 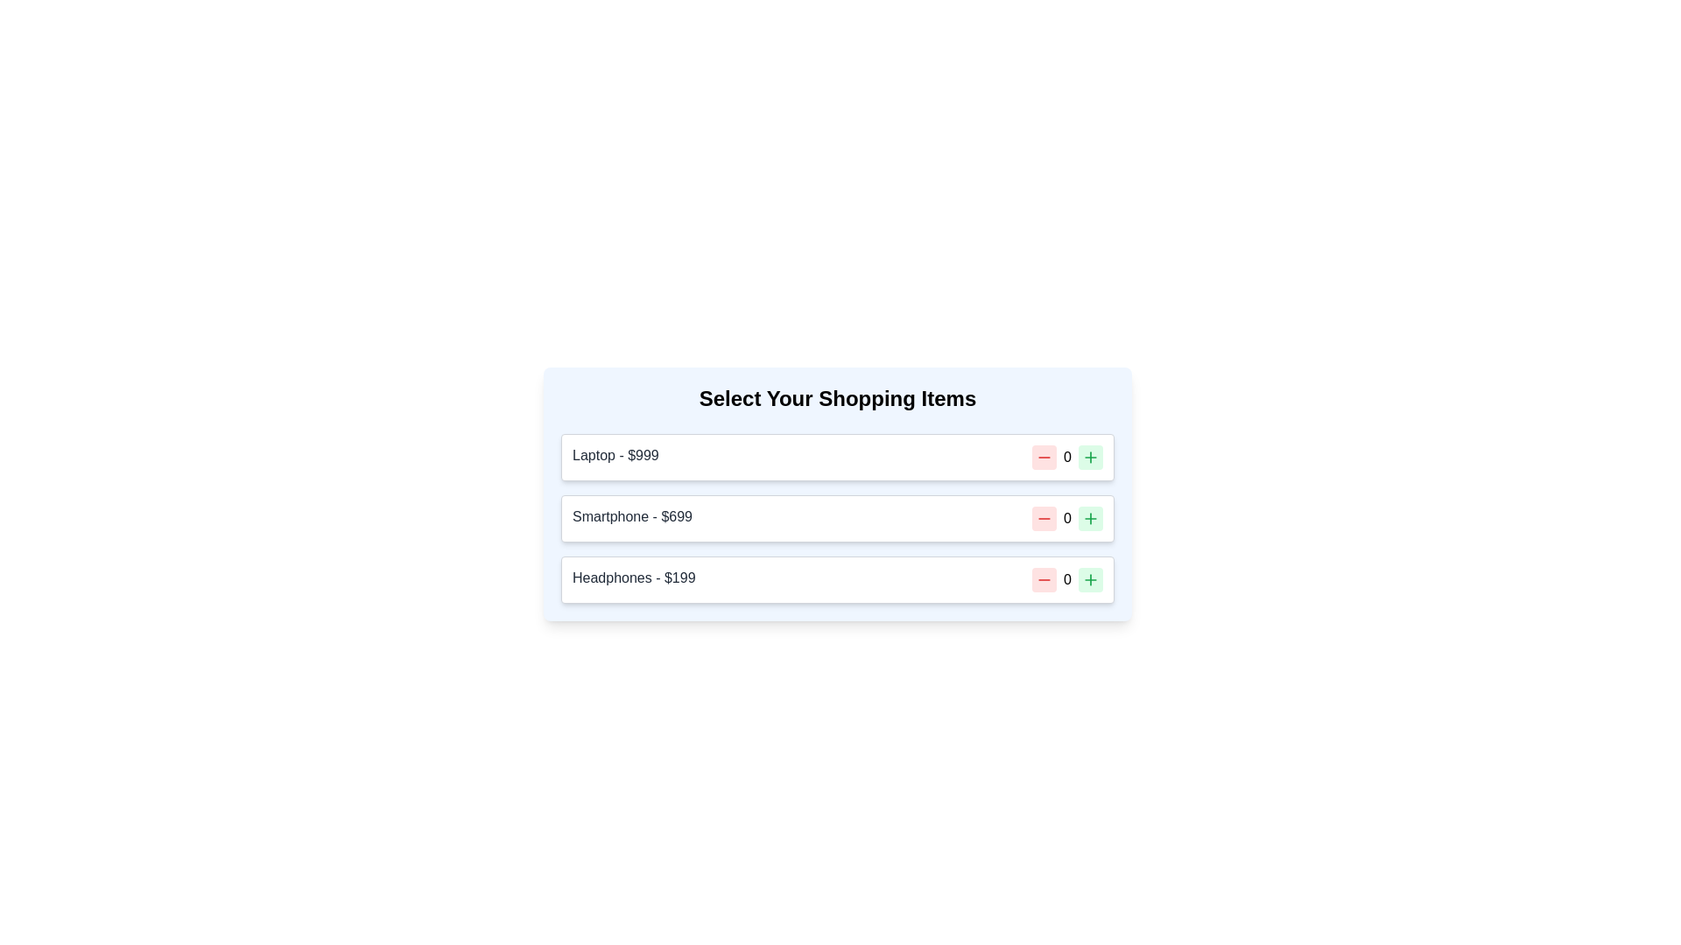 I want to click on the green circular button with a white plus sign to increment the quantity in the 'Headphones - $199' section, so click(x=1090, y=580).